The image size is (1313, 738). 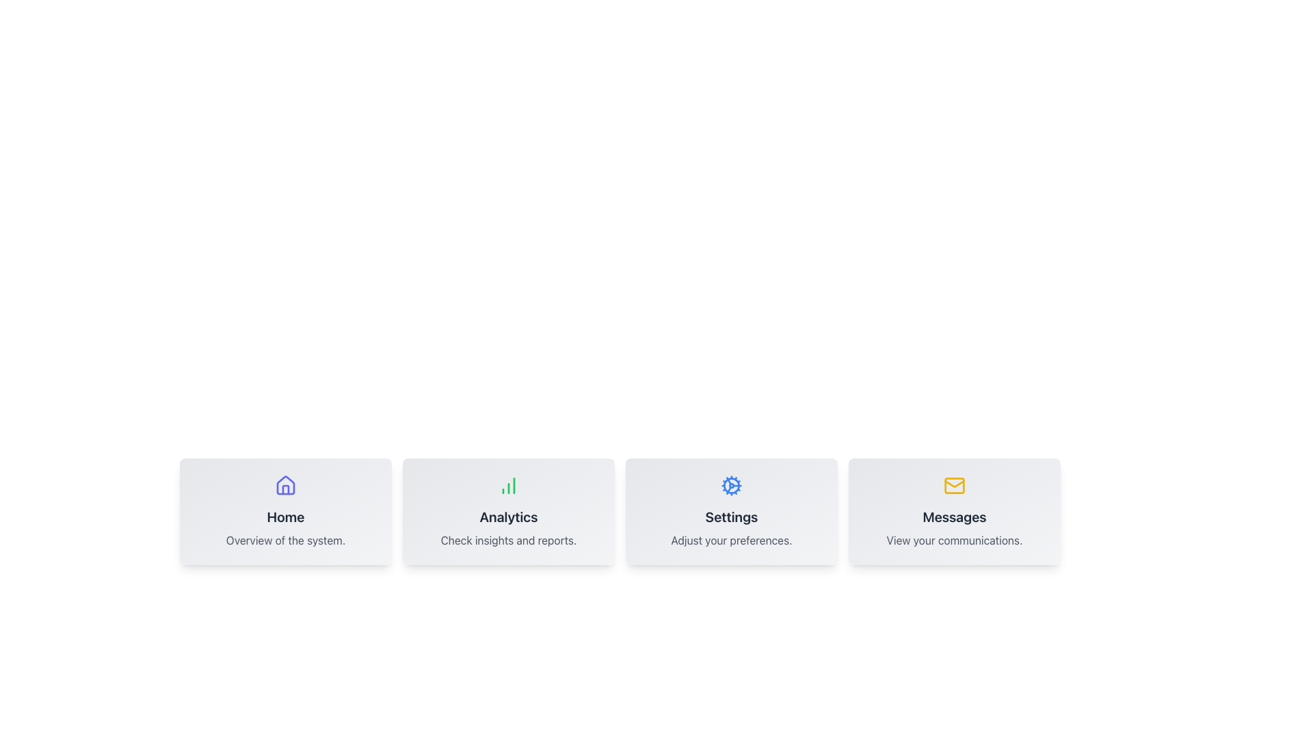 I want to click on the settings icon located in the upper part of the third card from the left under the 'Settings' label, so click(x=731, y=484).